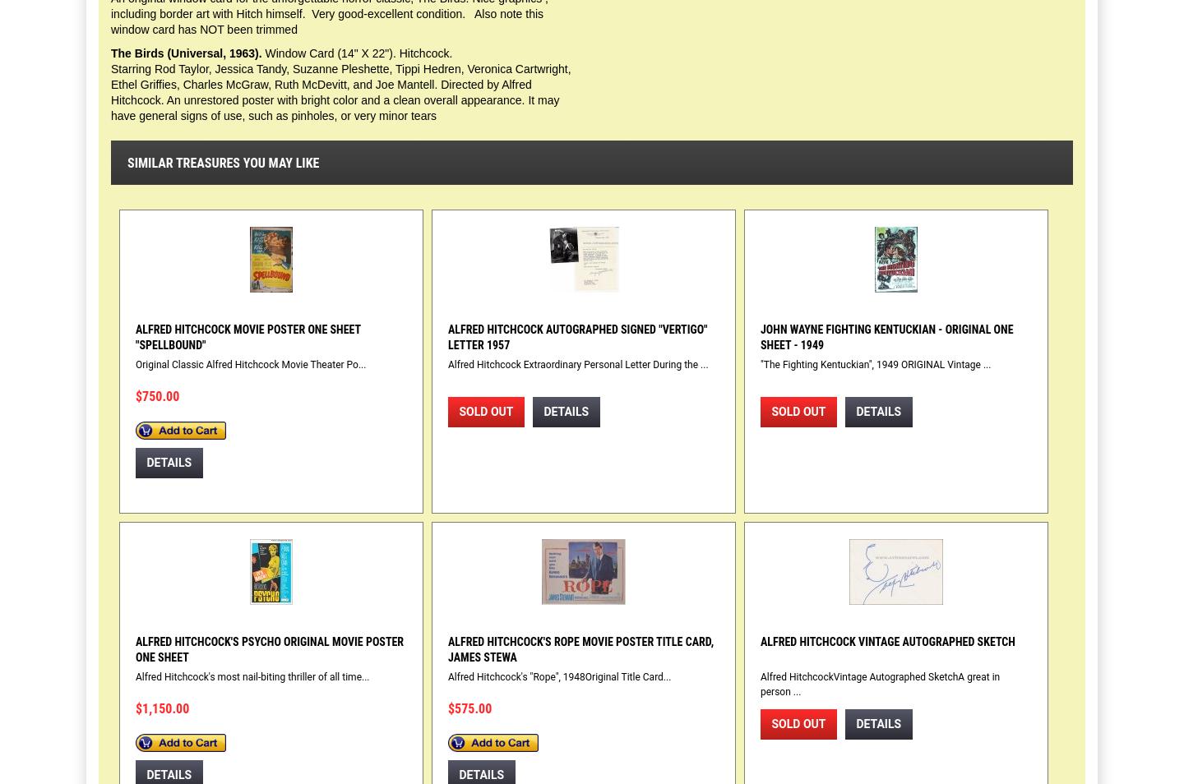 Image resolution: width=1184 pixels, height=784 pixels. What do you see at coordinates (261, 52) in the screenshot?
I see `'Window Card (14" X 22"). Hitchcock.'` at bounding box center [261, 52].